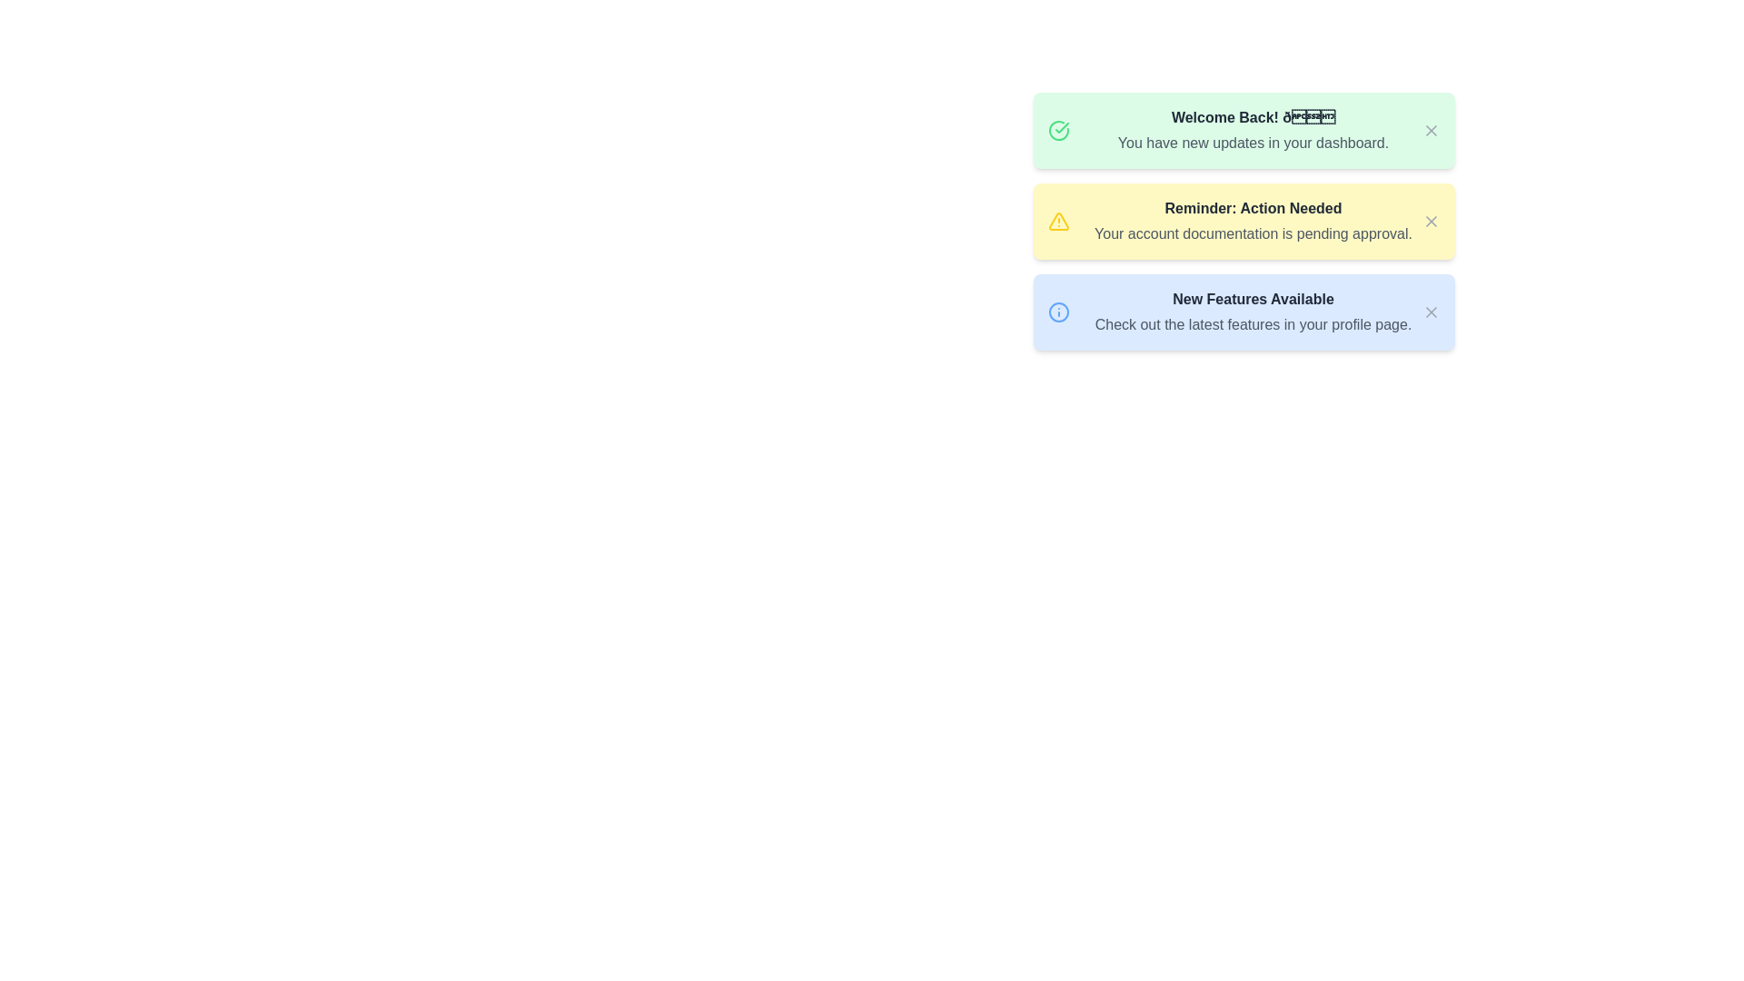 The width and height of the screenshot is (1744, 981). I want to click on the title text in the light blue notification card that introduces new features, located at the center of the card, so click(1253, 299).